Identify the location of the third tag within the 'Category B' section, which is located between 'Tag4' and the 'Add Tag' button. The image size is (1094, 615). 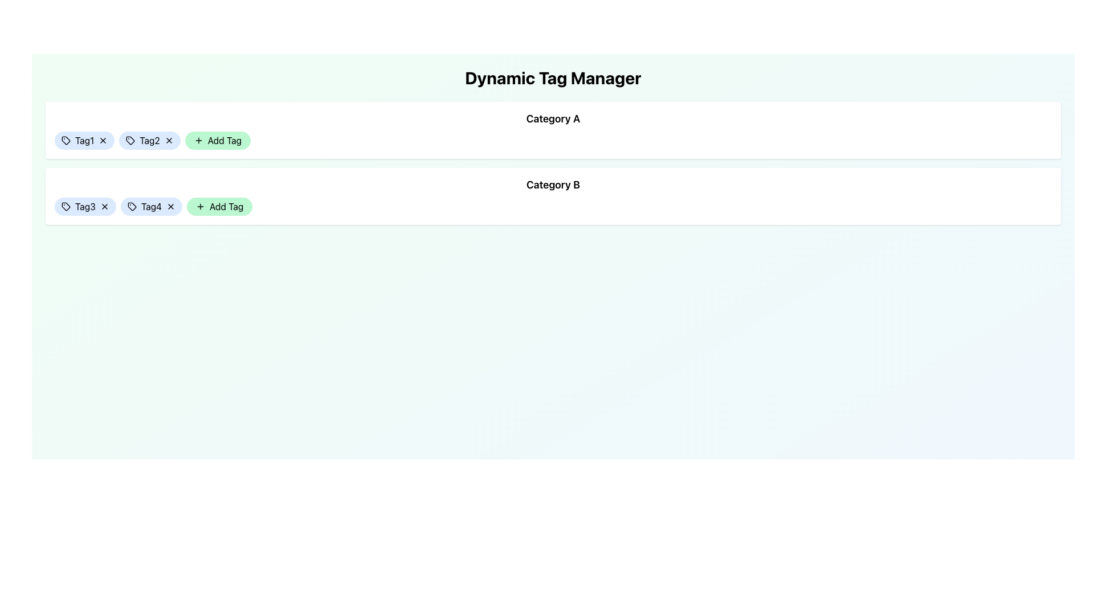
(84, 206).